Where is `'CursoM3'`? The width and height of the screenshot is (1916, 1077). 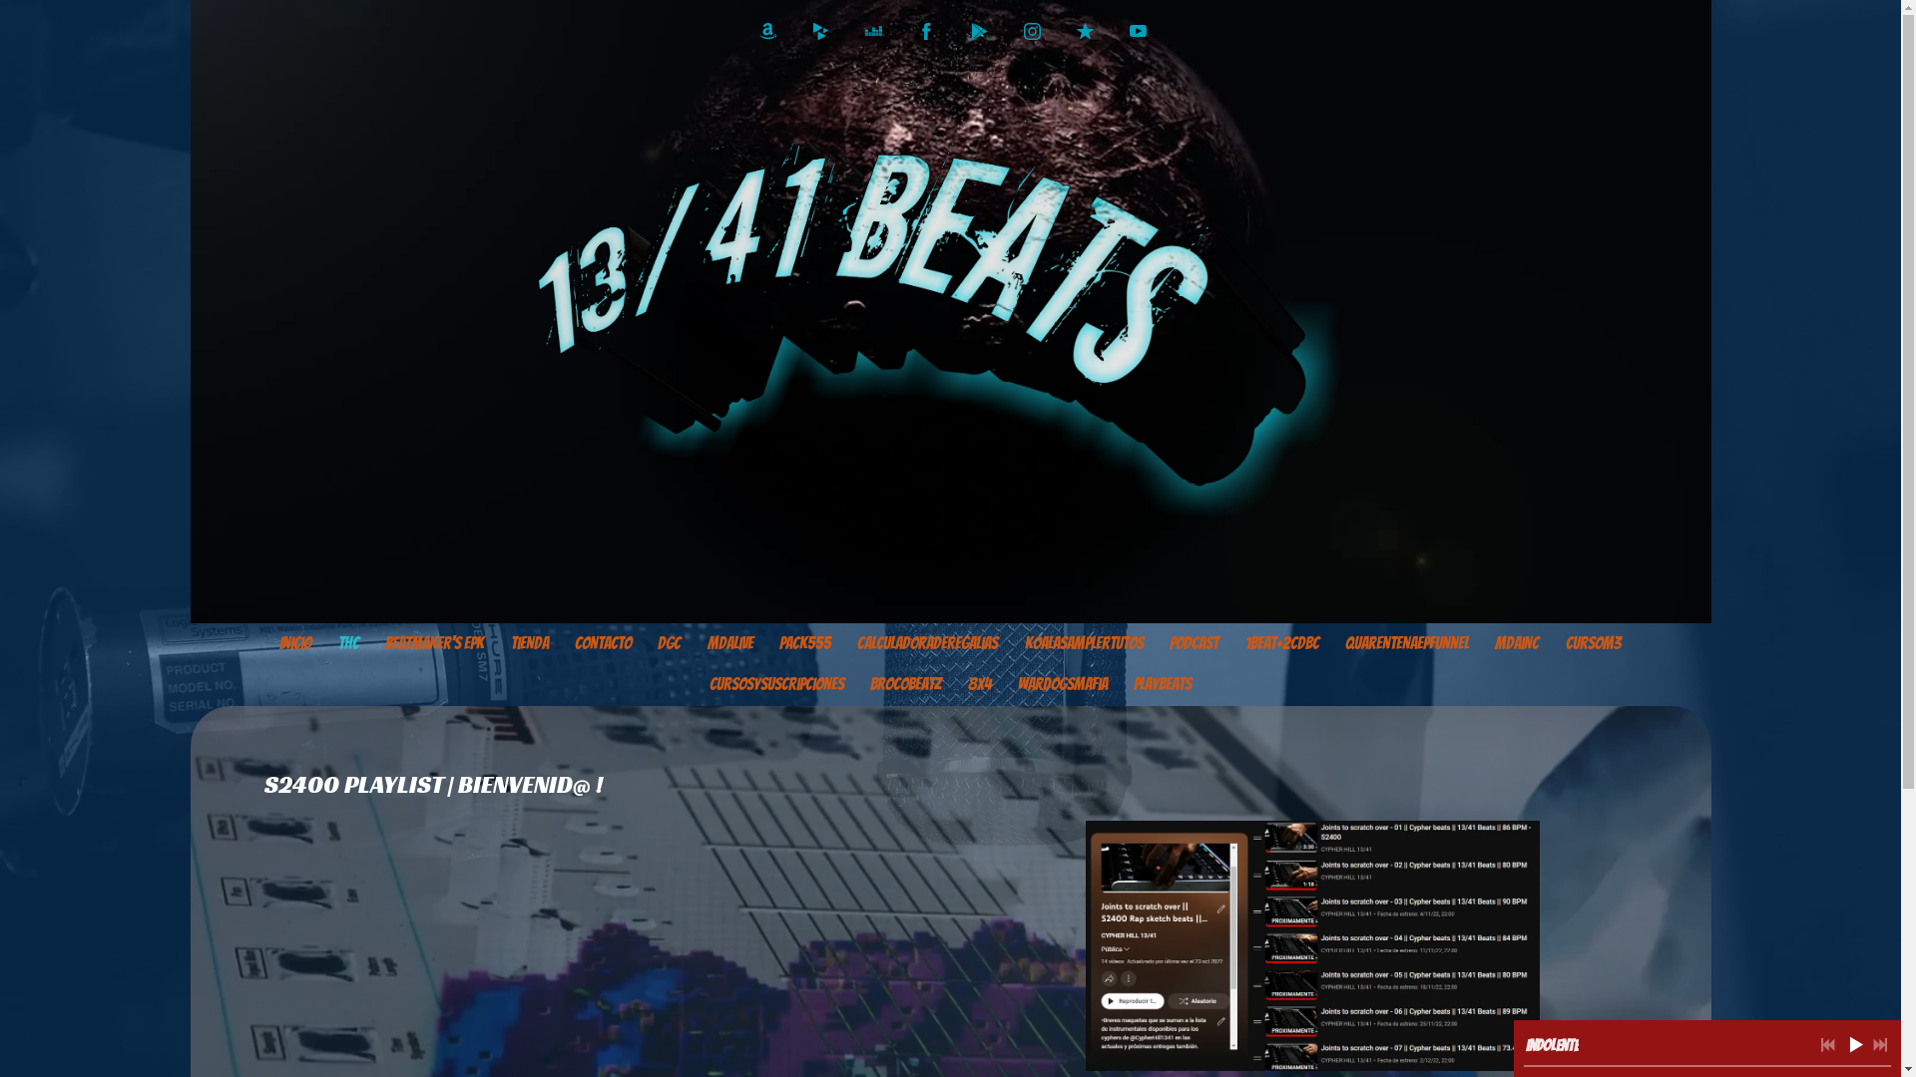 'CursoM3' is located at coordinates (1592, 643).